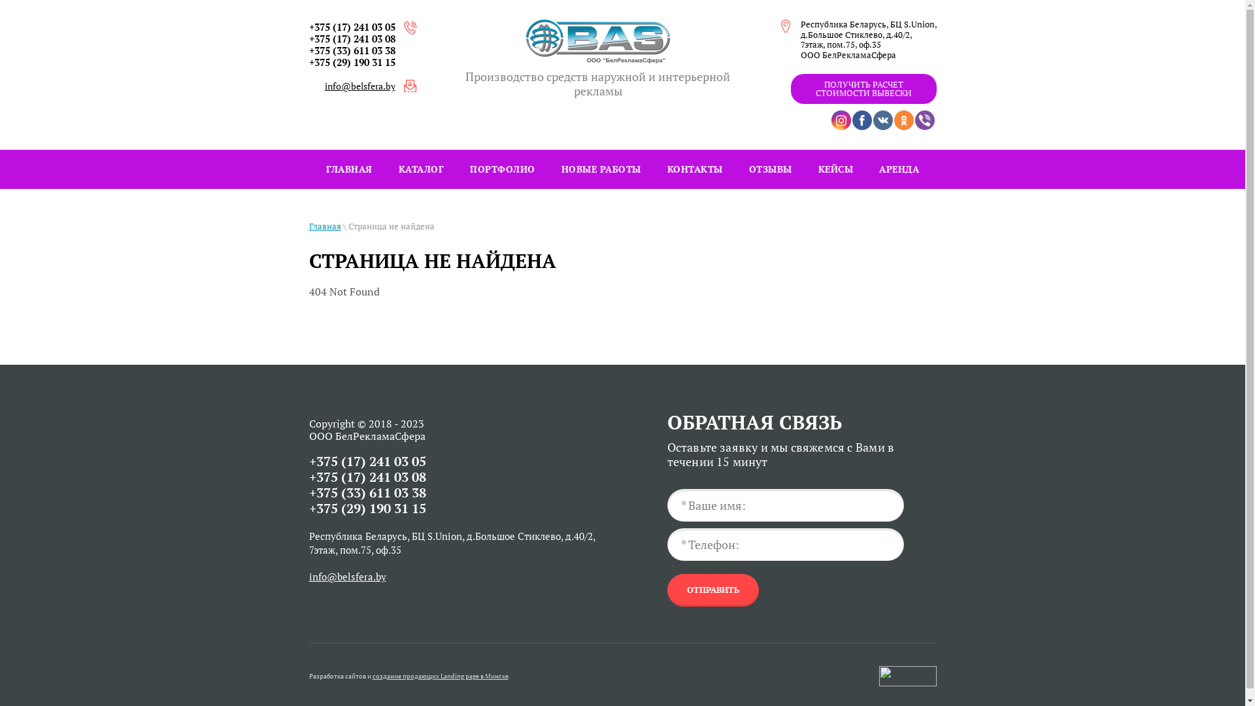 The height and width of the screenshot is (706, 1255). I want to click on '+375 (33) 611 03 38', so click(307, 492).